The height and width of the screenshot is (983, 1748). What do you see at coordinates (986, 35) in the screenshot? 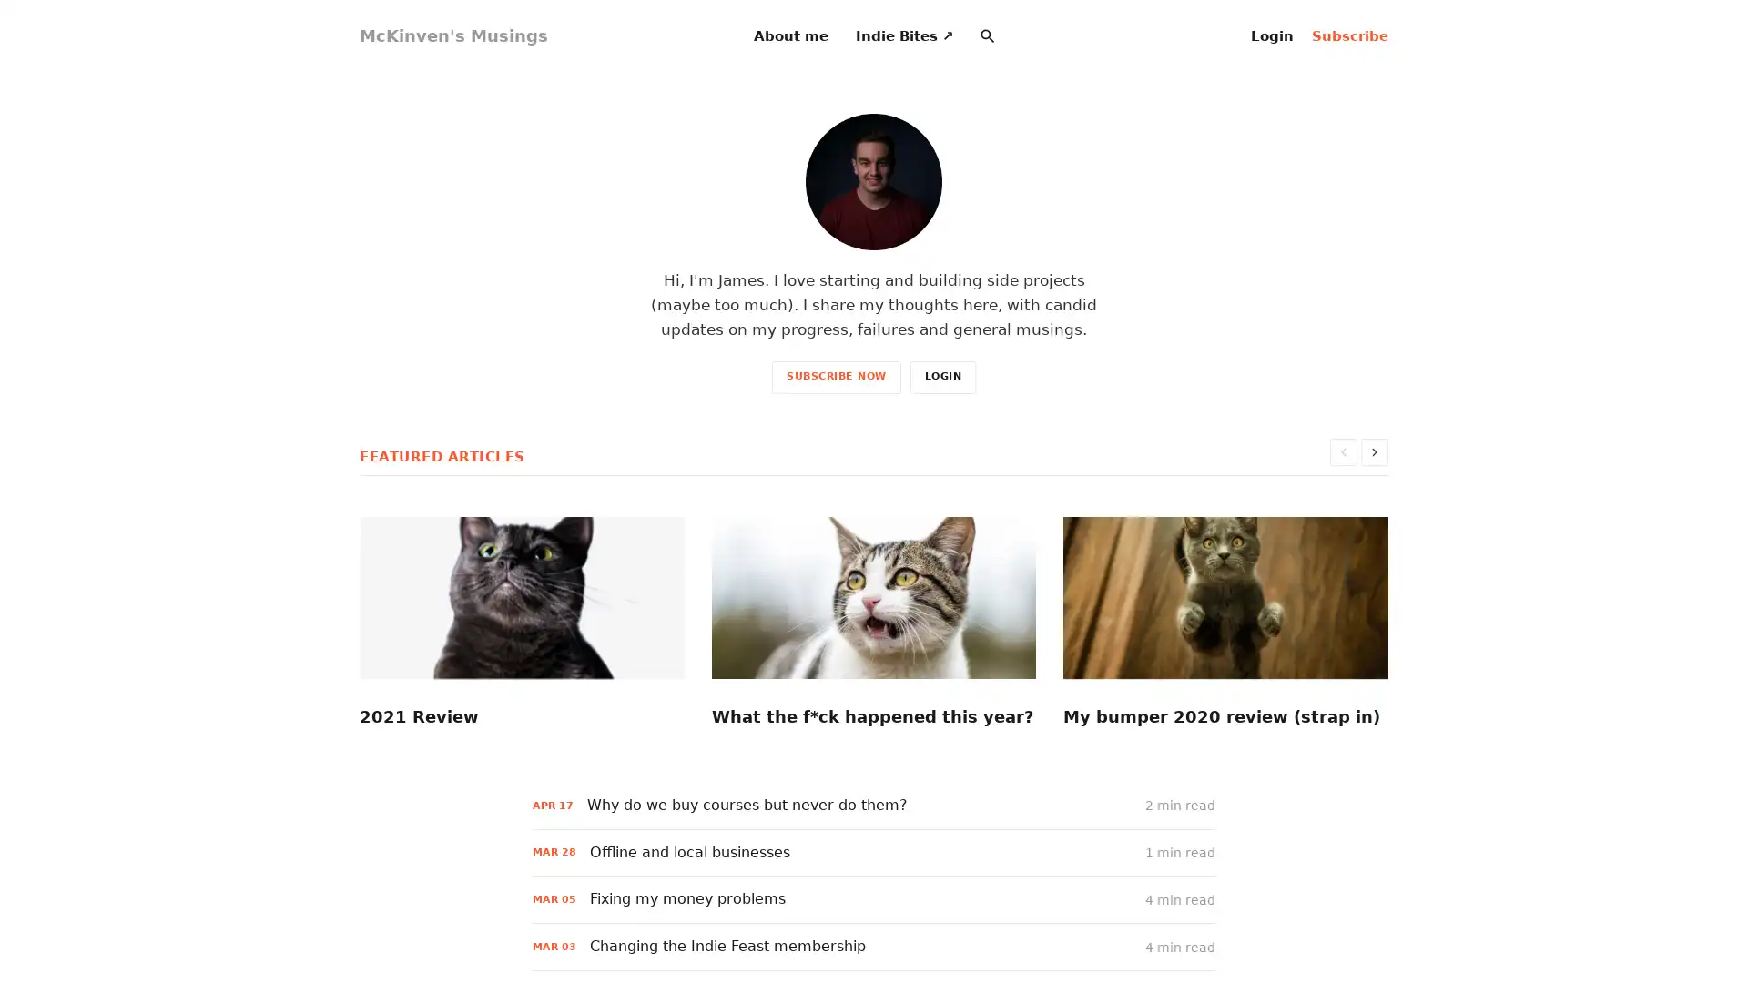
I see `Search` at bounding box center [986, 35].